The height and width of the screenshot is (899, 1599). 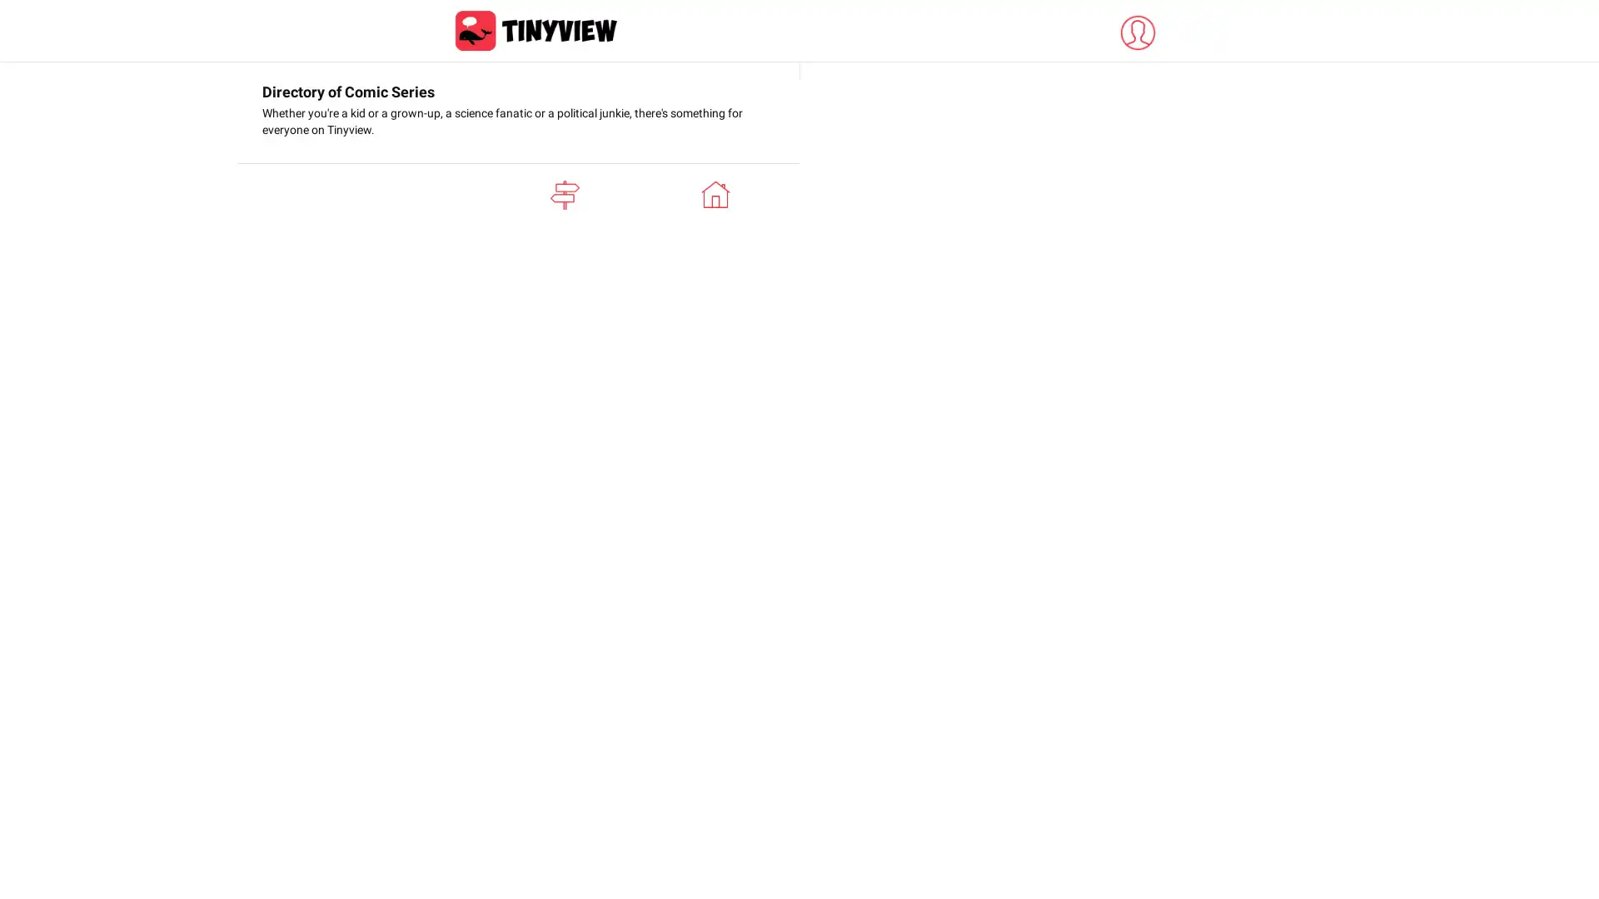 I want to click on Follow, so click(x=1135, y=262).